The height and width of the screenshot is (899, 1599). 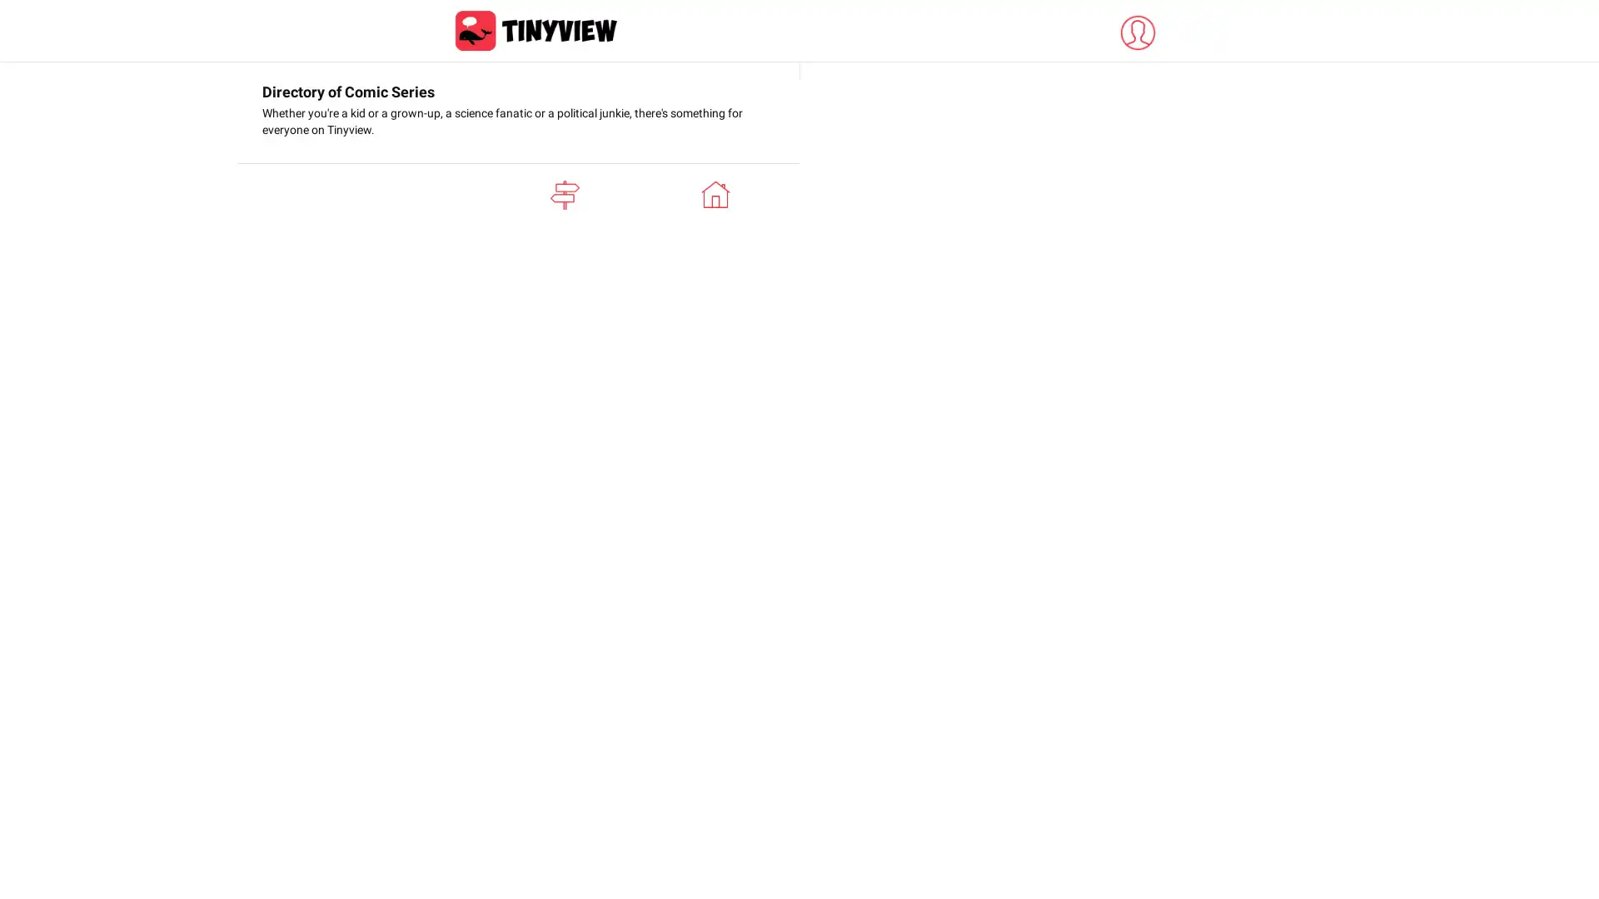 I want to click on Follow, so click(x=1135, y=262).